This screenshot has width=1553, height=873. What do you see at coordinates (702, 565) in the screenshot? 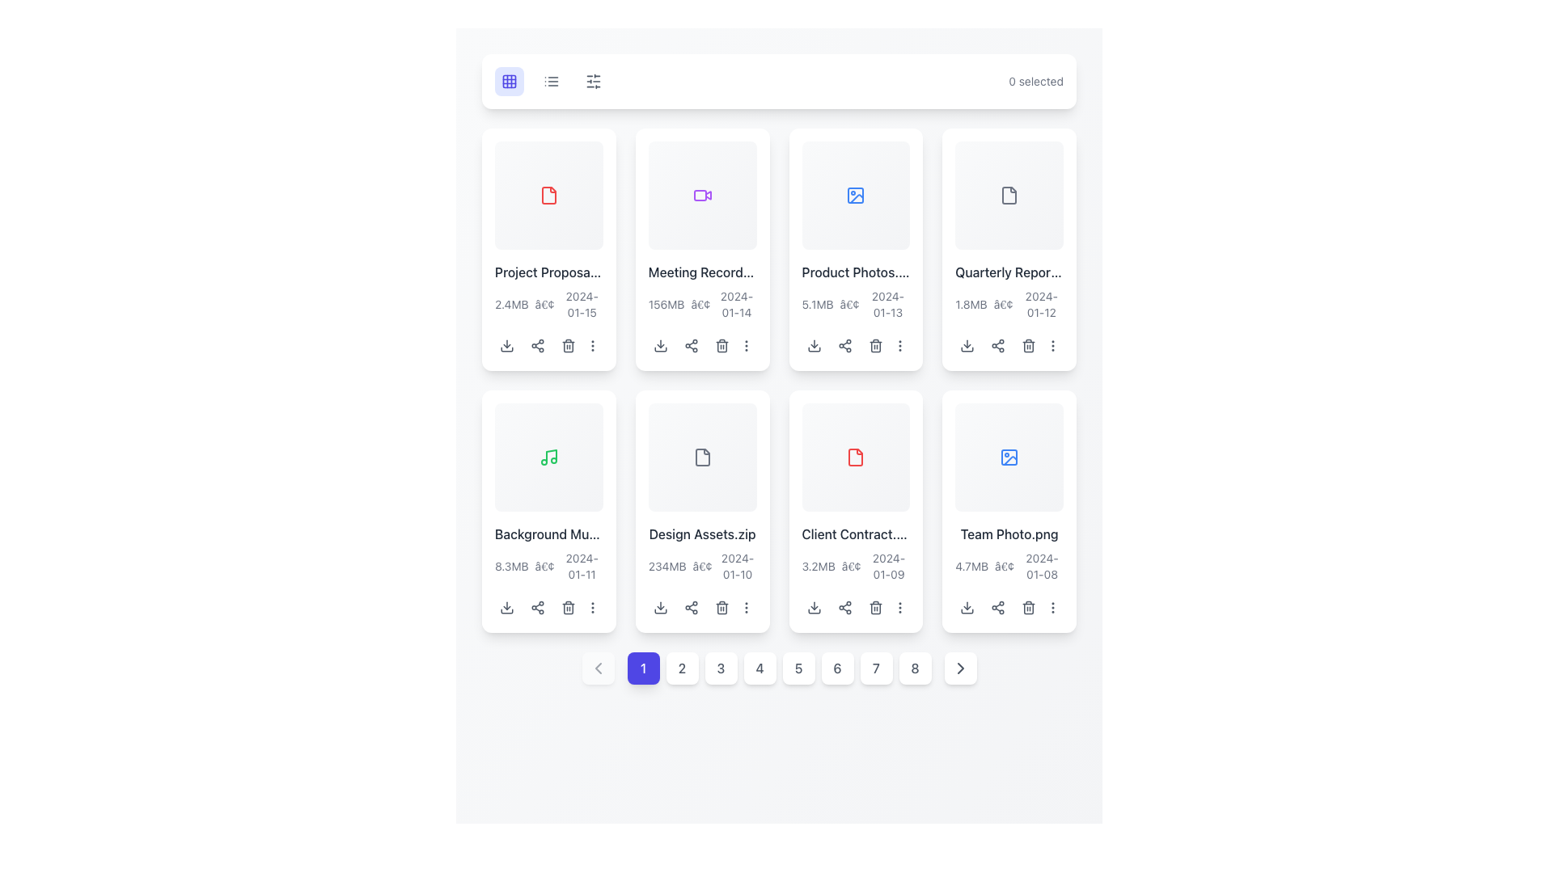
I see `the textual symbol acting as a separator located between '234MB' and '2024-01-10' in the lower section of the file card labeled 'Design Assets.zip'` at bounding box center [702, 565].